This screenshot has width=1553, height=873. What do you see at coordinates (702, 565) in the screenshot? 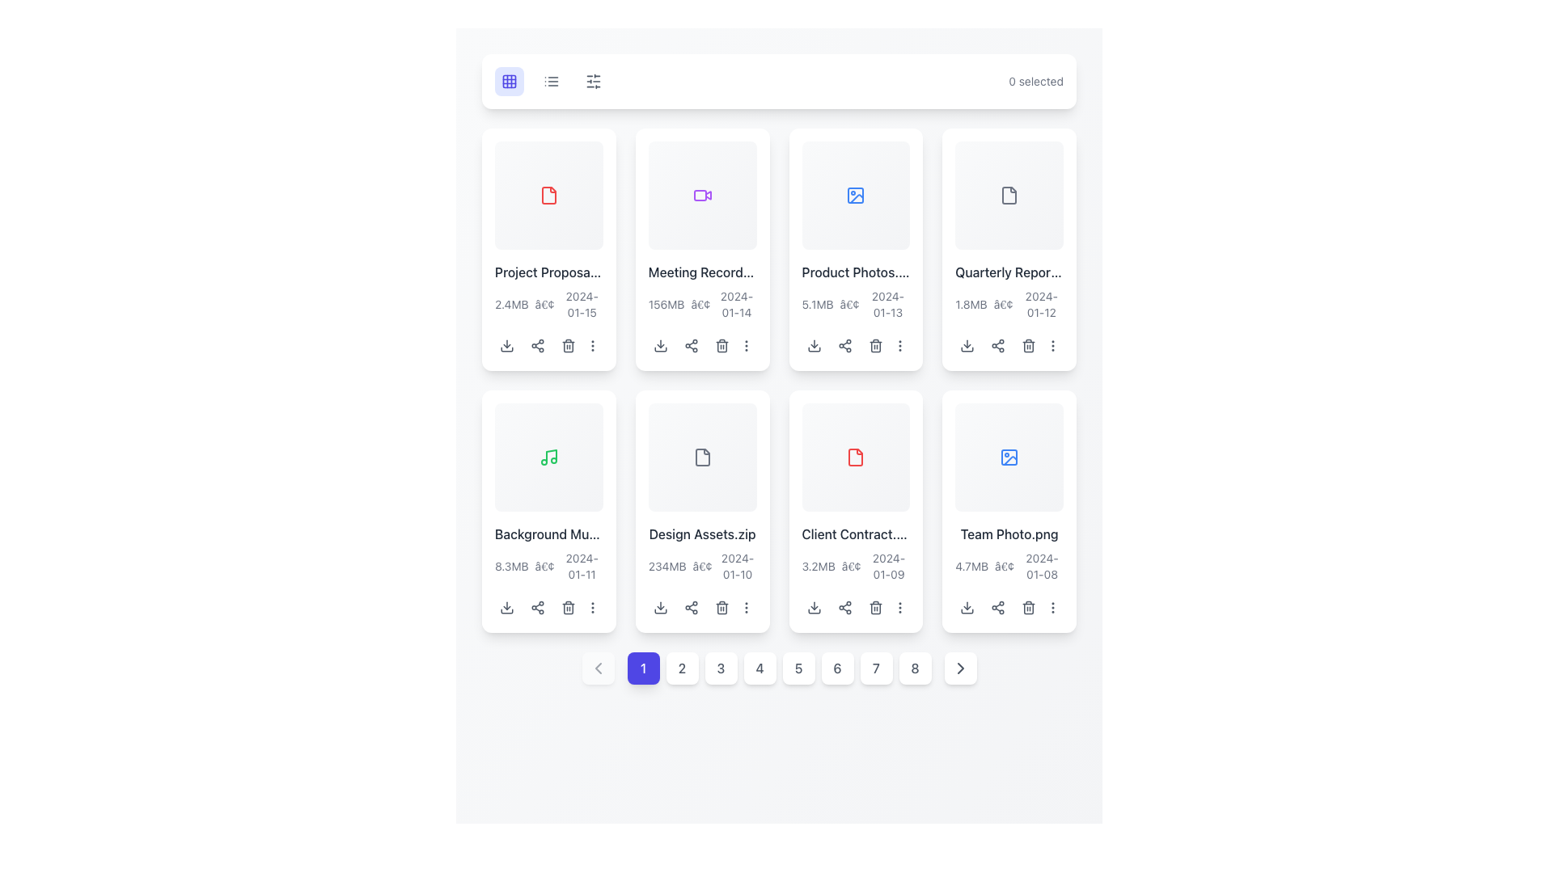
I see `the textual symbol acting as a separator located between '234MB' and '2024-01-10' in the lower section of the file card labeled 'Design Assets.zip'` at bounding box center [702, 565].